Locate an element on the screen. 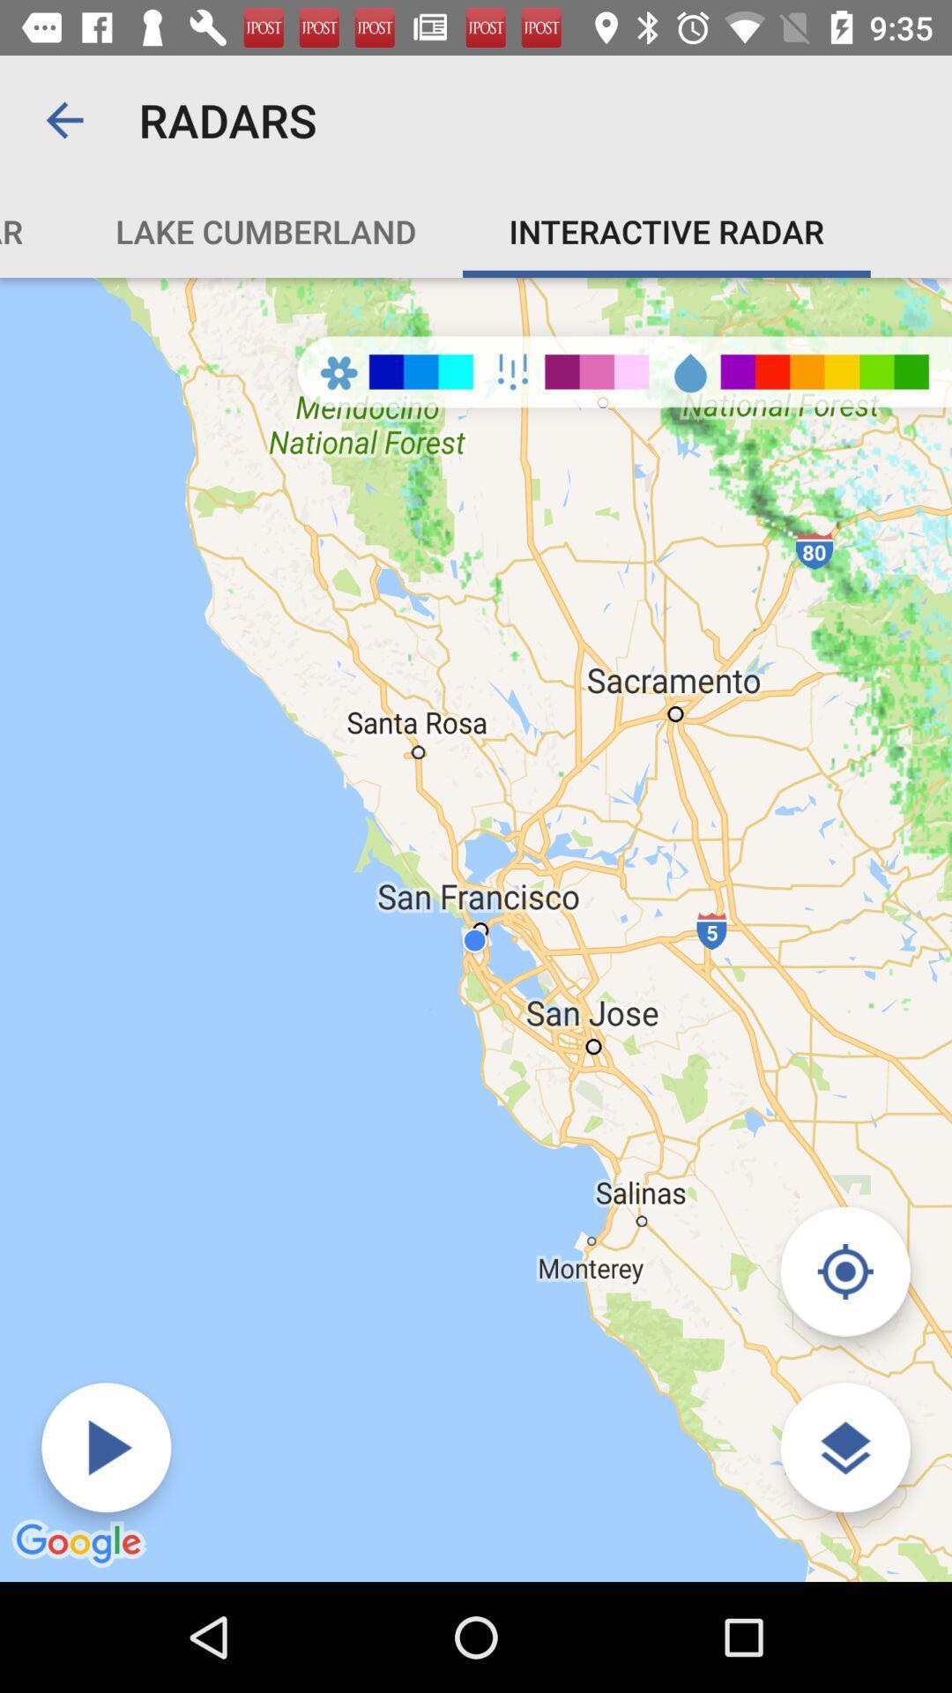 This screenshot has width=952, height=1693. the layers icon is located at coordinates (844, 1447).